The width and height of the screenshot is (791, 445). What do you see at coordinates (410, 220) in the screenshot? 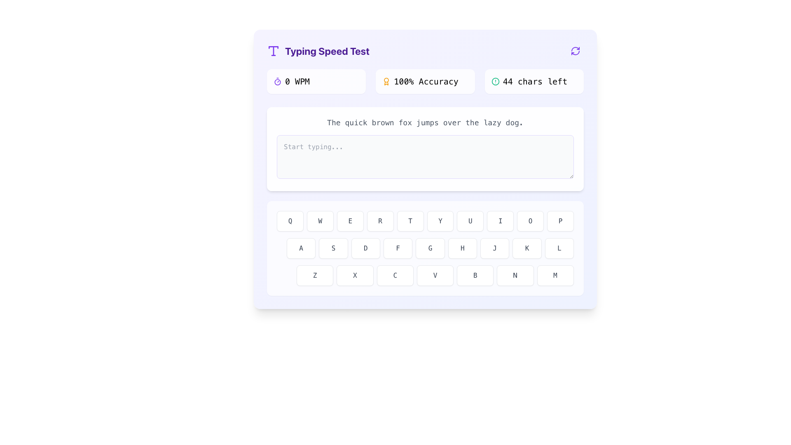
I see `the button that inputs the letter 'T', which is the fifth key in a horizontal row of a virtual keyboard` at bounding box center [410, 220].